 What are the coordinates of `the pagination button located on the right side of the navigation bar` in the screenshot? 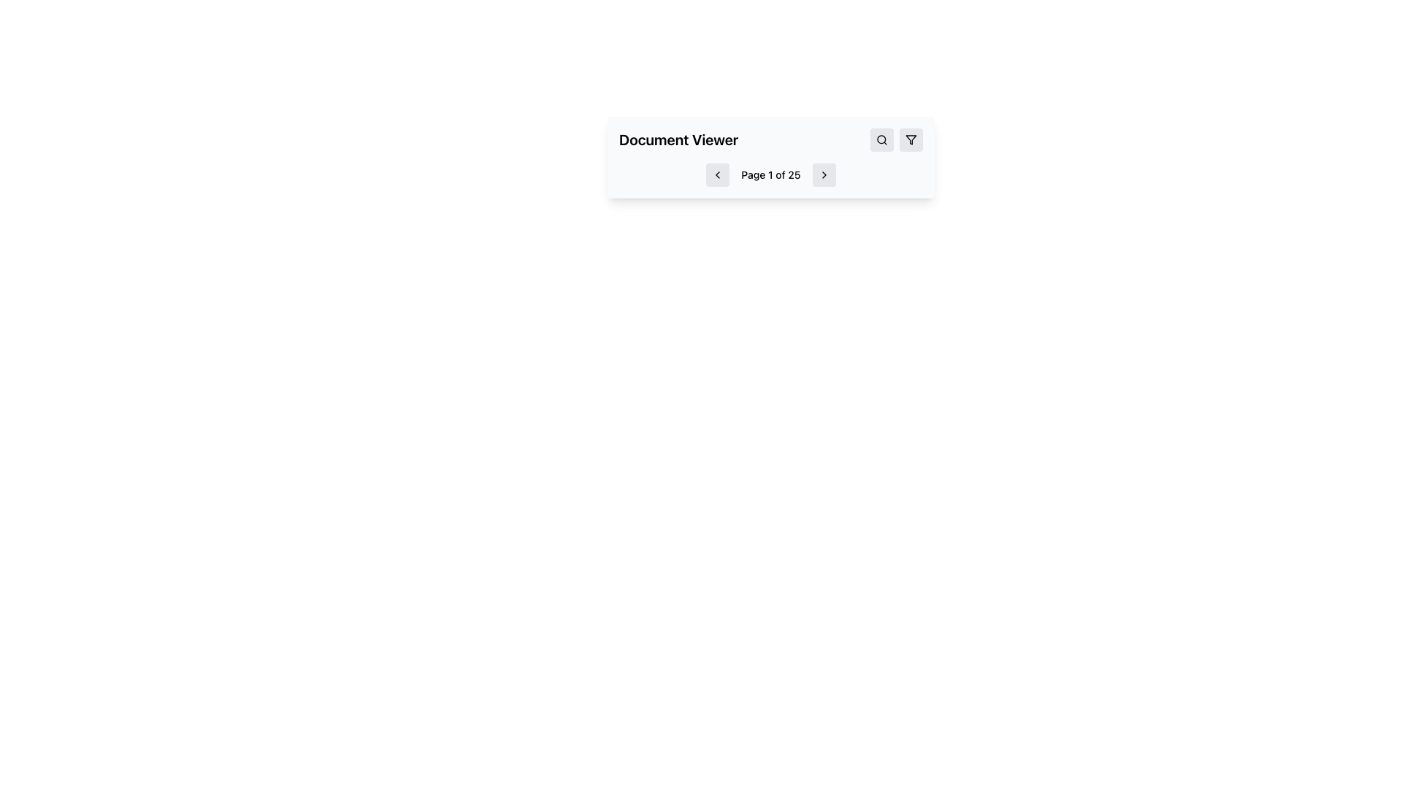 It's located at (824, 174).